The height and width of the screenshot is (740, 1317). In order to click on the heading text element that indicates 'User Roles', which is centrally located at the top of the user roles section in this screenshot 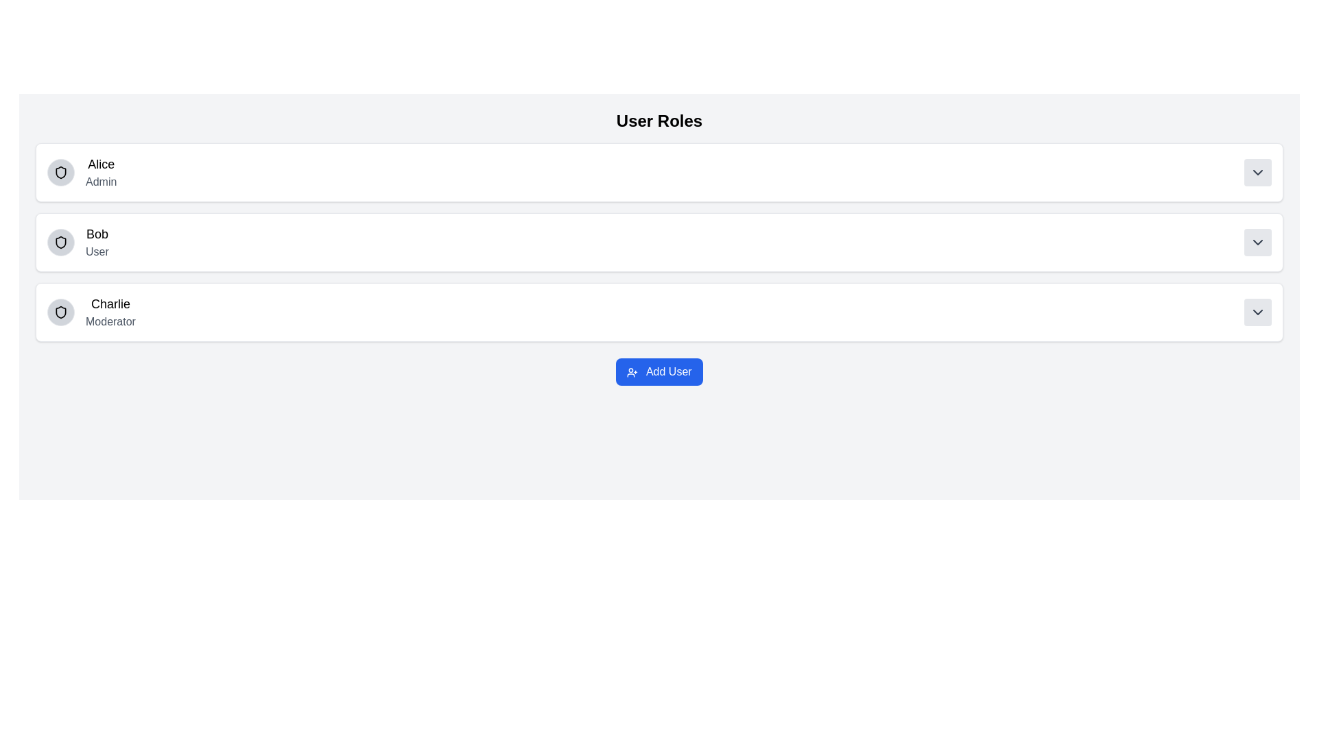, I will do `click(659, 121)`.